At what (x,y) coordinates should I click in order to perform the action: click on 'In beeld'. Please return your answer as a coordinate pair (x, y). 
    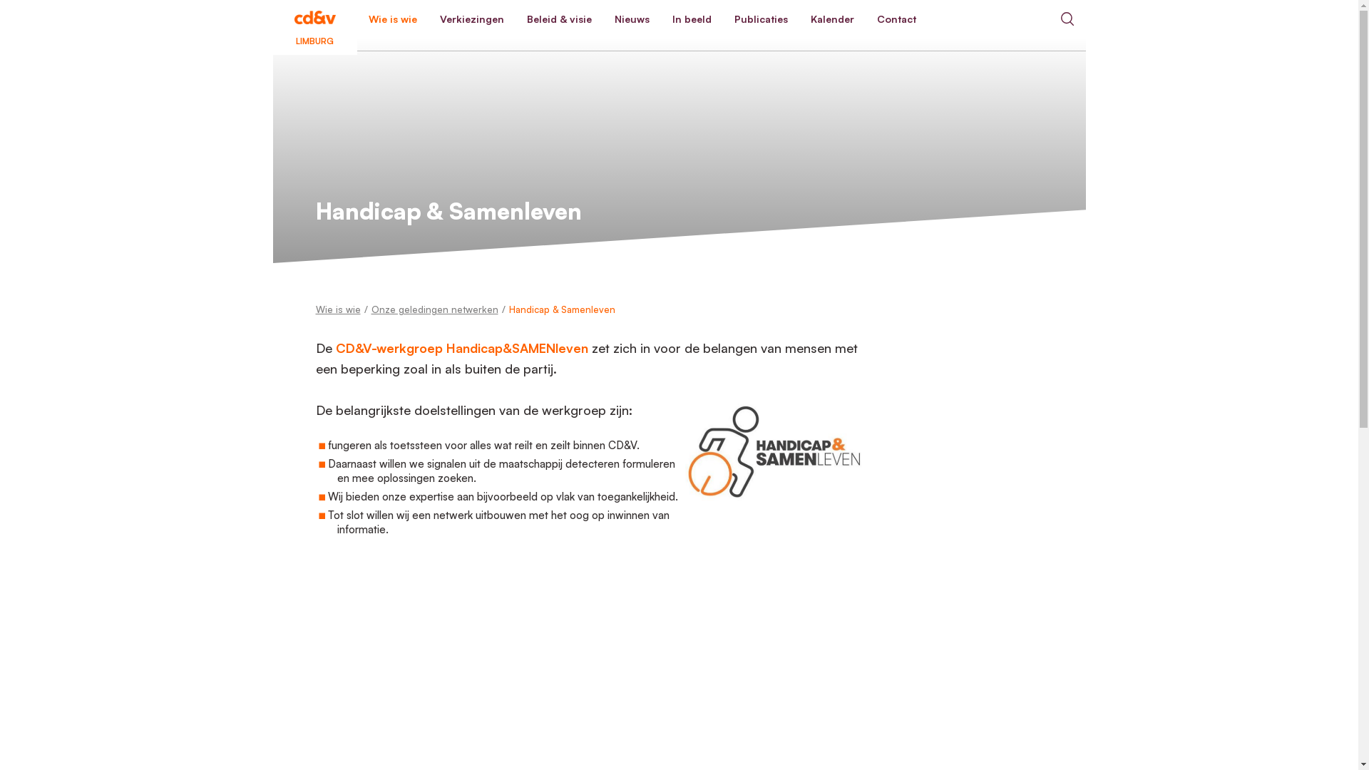
    Looking at the image, I should click on (691, 19).